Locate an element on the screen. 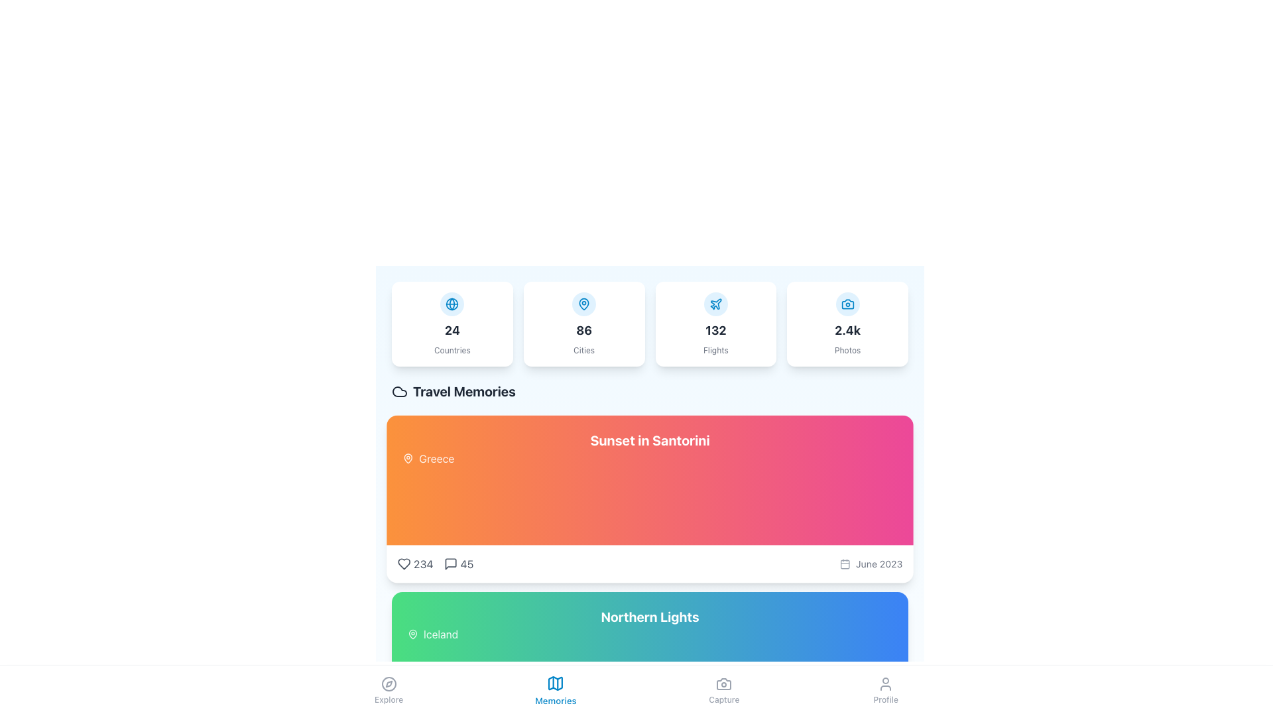 This screenshot has width=1273, height=716. the map icon button in the 'Memories' section of the navigation bar is located at coordinates (556, 683).